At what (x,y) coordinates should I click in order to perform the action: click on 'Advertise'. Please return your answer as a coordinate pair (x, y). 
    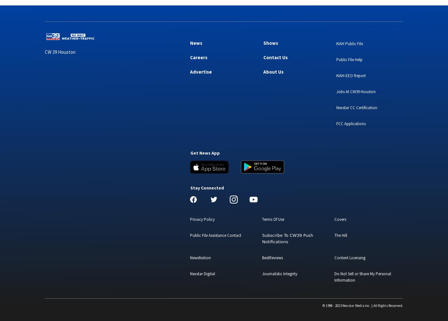
    Looking at the image, I should click on (201, 72).